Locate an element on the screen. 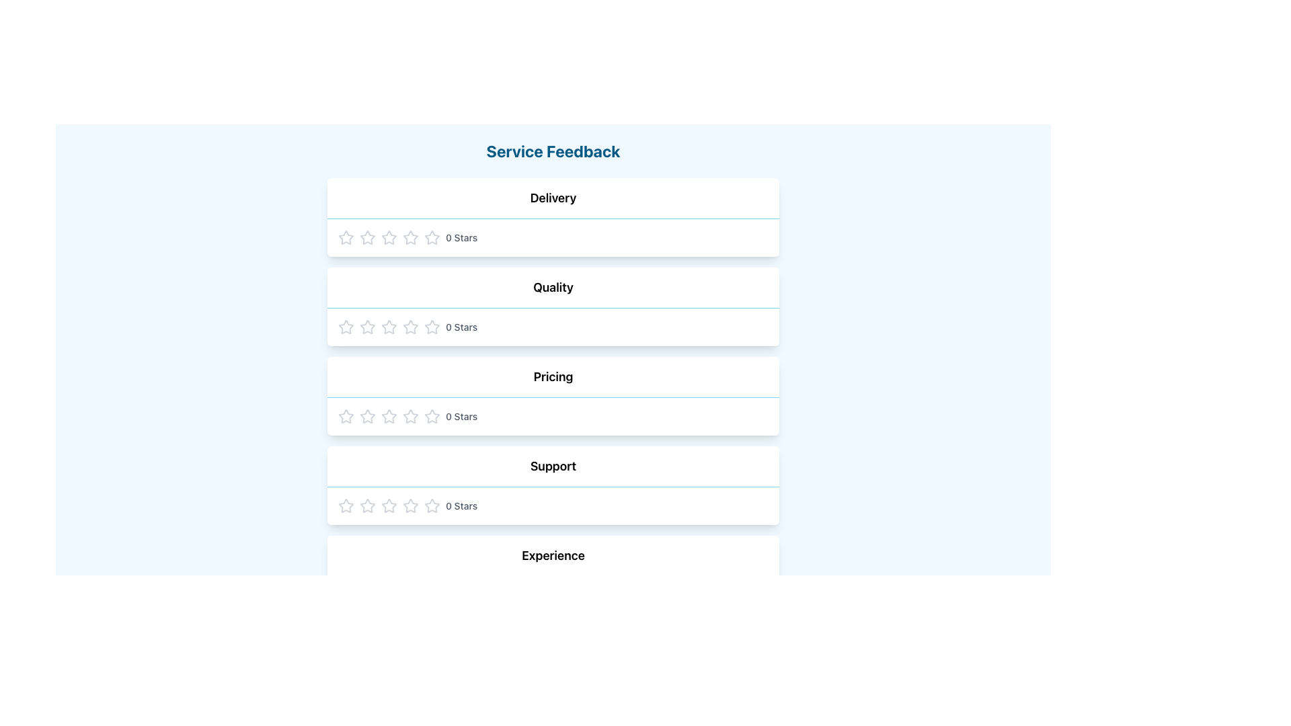 This screenshot has height=726, width=1291. the first star icon is located at coordinates (346, 327).